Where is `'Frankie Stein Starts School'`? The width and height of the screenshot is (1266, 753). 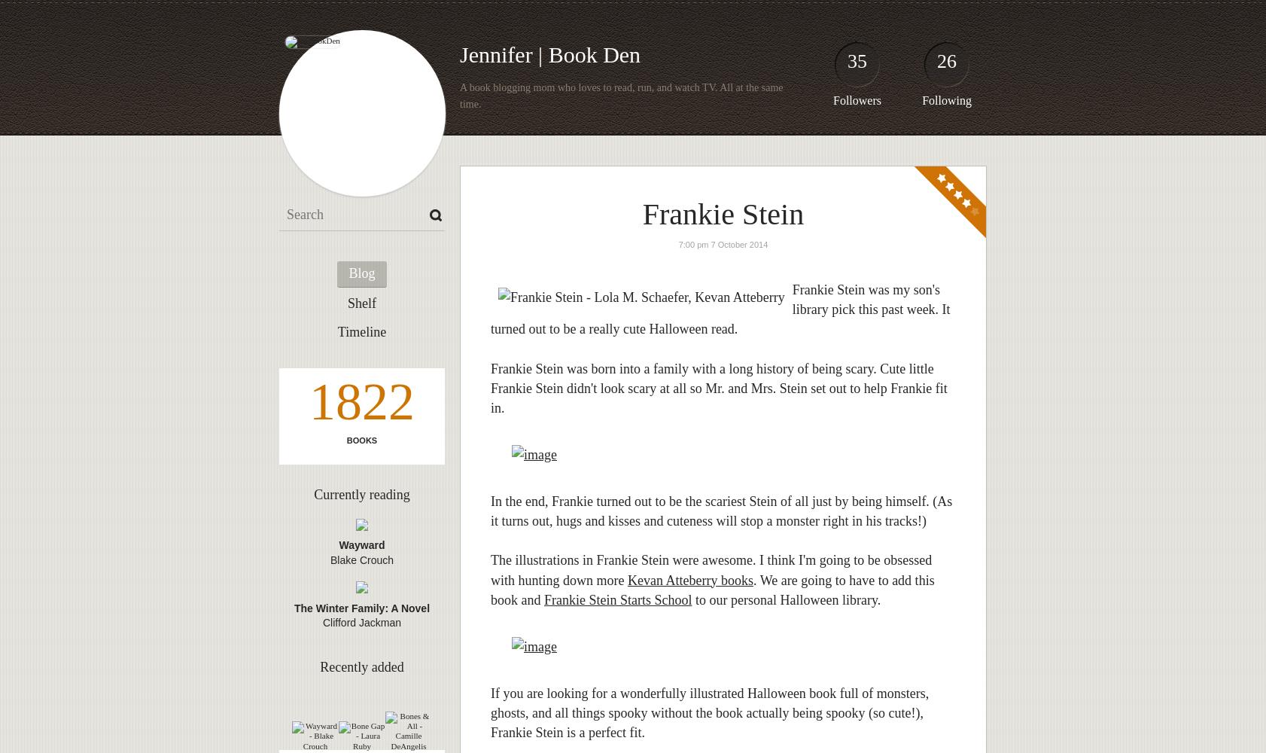
'Frankie Stein Starts School' is located at coordinates (617, 599).